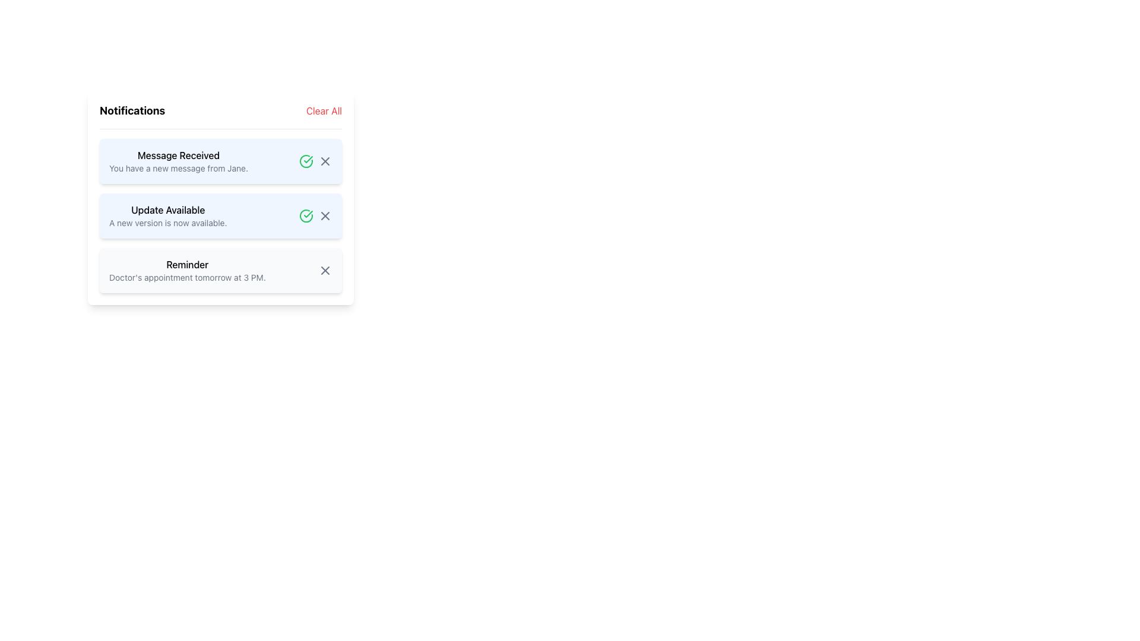  What do you see at coordinates (186, 264) in the screenshot?
I see `header text of the 'Reminder' notification card, which is located at the top of the card and identifies its purpose` at bounding box center [186, 264].